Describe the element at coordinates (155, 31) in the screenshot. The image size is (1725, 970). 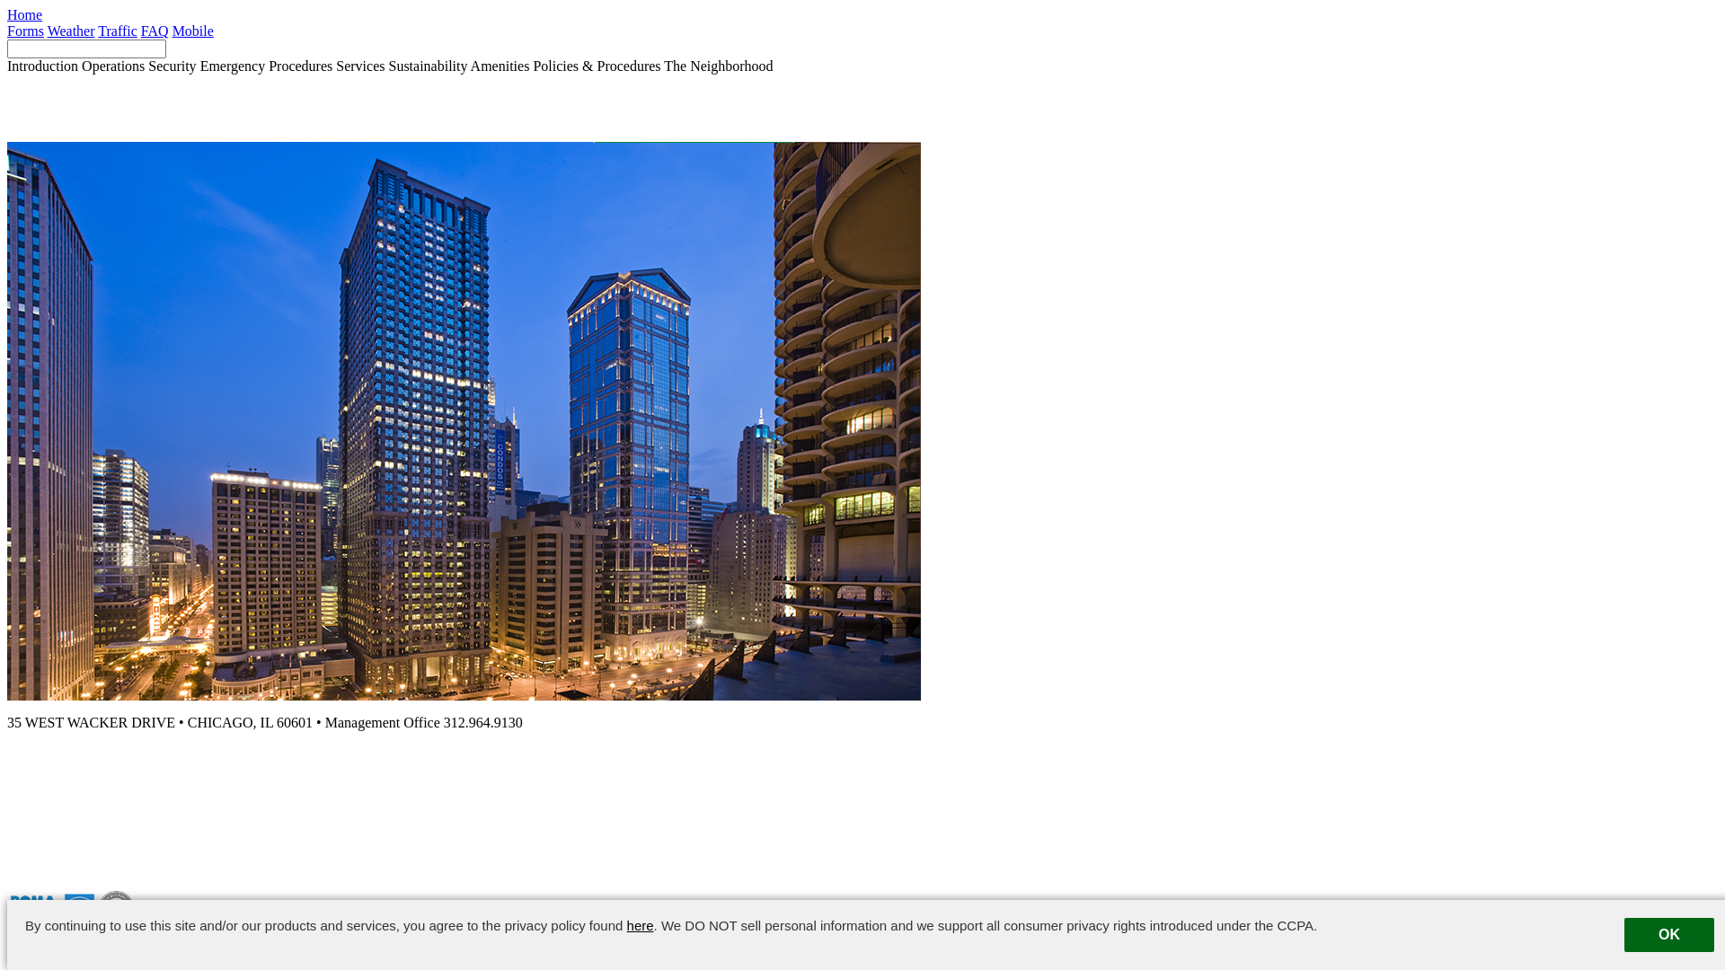
I see `'FAQ'` at that location.